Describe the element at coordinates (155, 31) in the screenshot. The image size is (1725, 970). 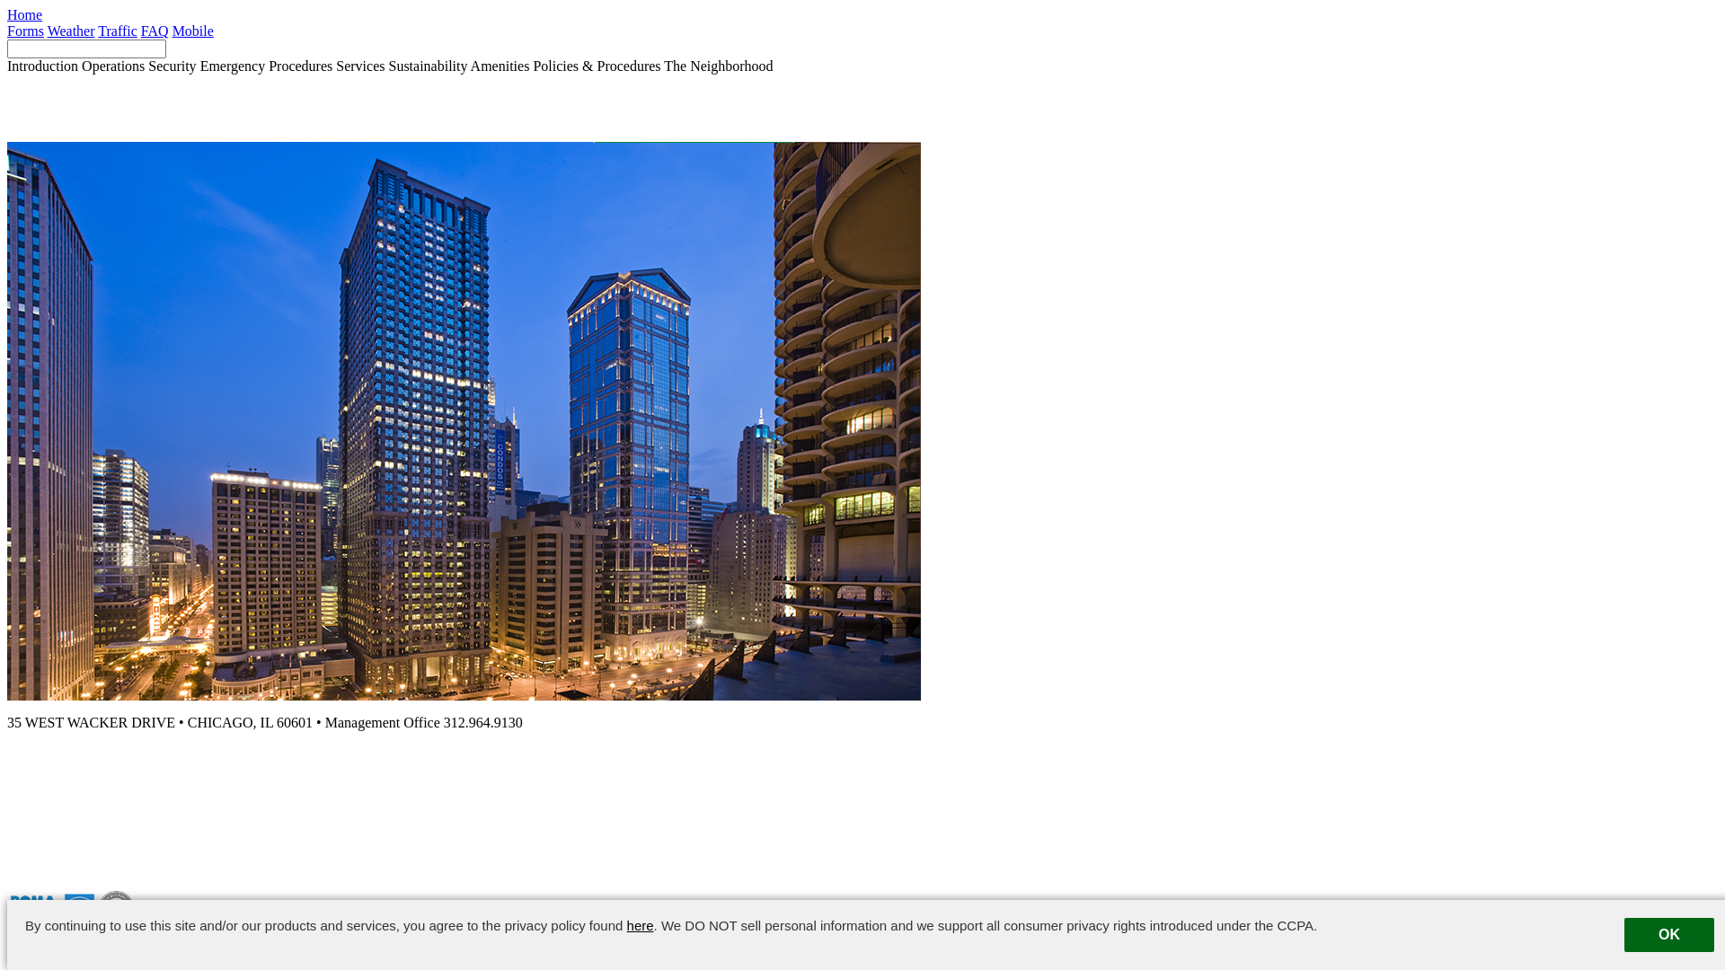
I see `'FAQ'` at that location.